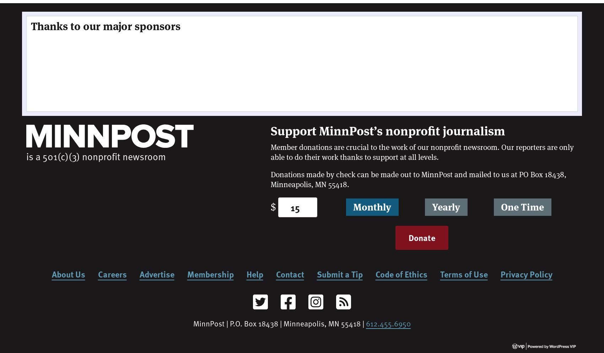 This screenshot has width=604, height=353. I want to click on 'MinnPost | P.O. Box 18438 | Minneapolis, MN 55418 |', so click(193, 323).